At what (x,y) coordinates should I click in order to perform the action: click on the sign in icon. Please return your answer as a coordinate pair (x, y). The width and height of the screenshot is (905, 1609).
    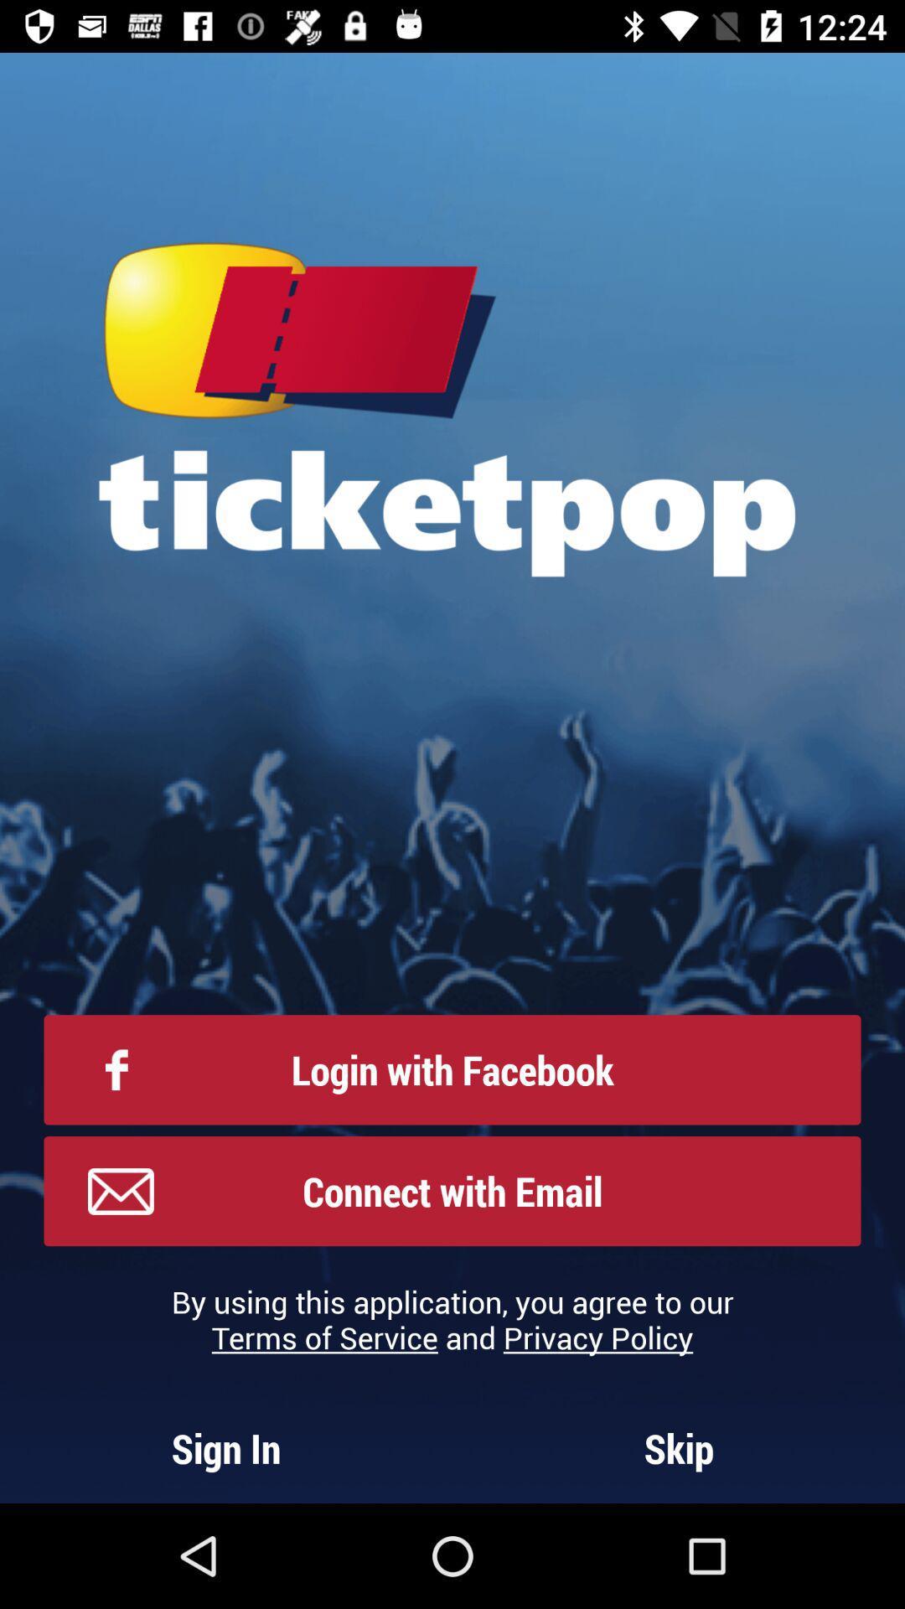
    Looking at the image, I should click on (226, 1447).